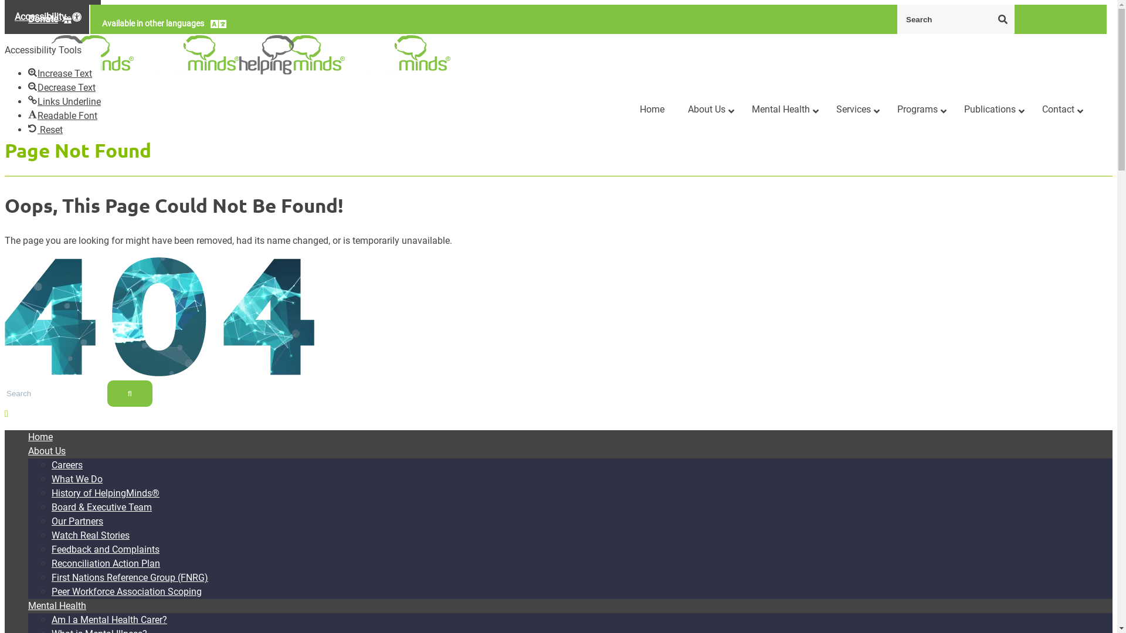 The width and height of the screenshot is (1126, 633). Describe the element at coordinates (952, 110) in the screenshot. I see `'Publications'` at that location.